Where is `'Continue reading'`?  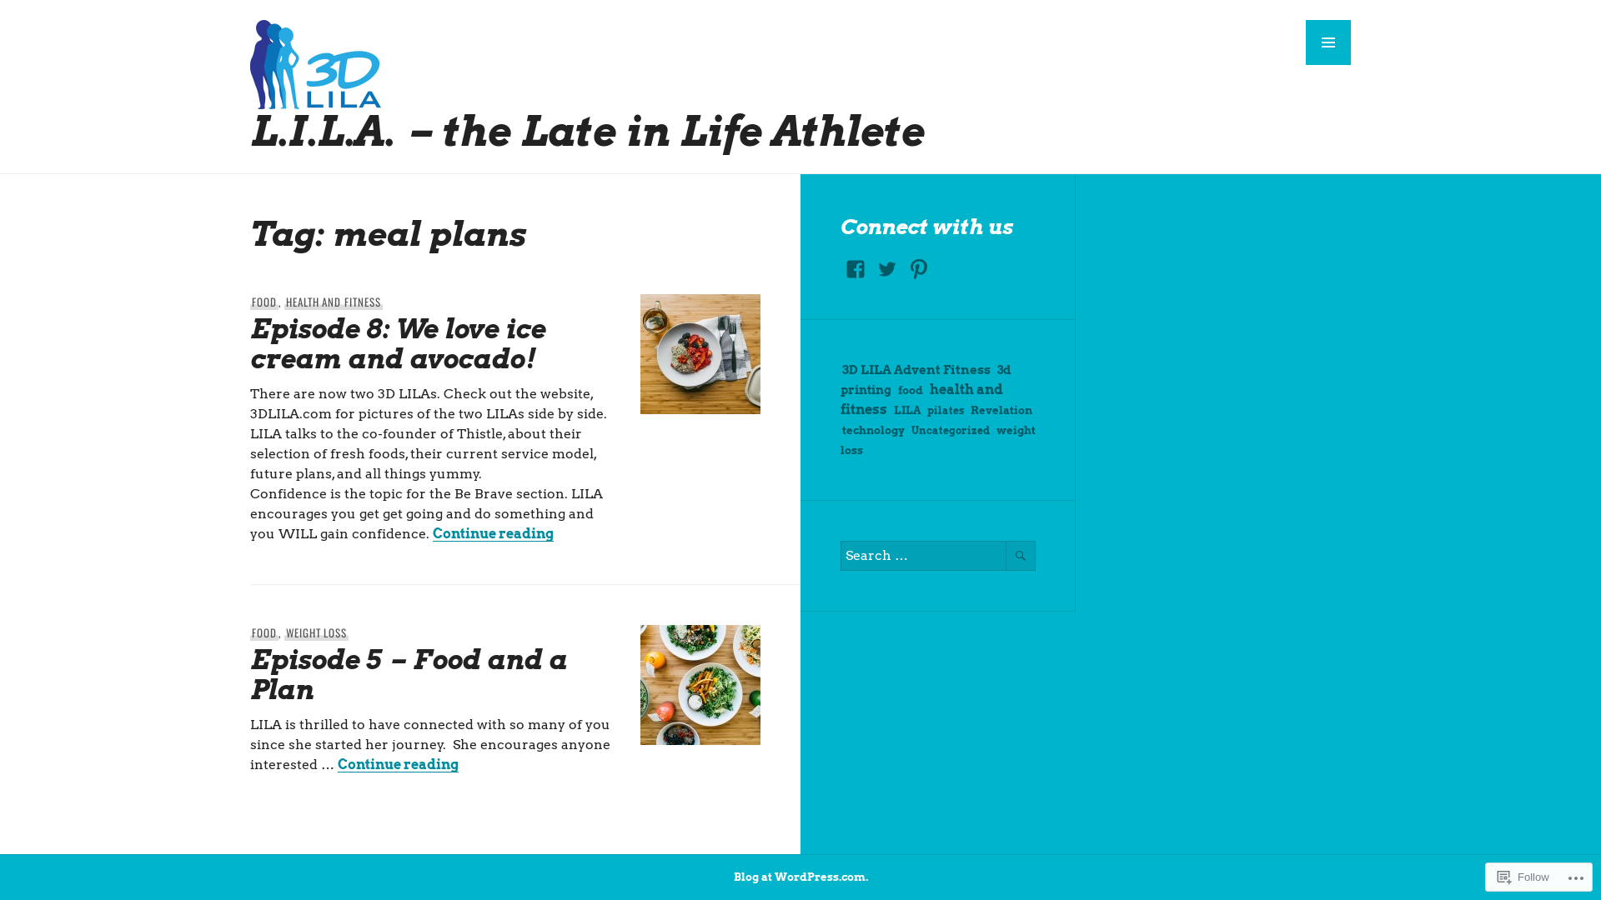 'Continue reading' is located at coordinates (492, 533).